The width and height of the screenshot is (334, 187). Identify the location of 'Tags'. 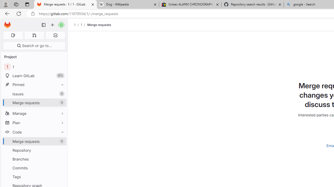
(34, 176).